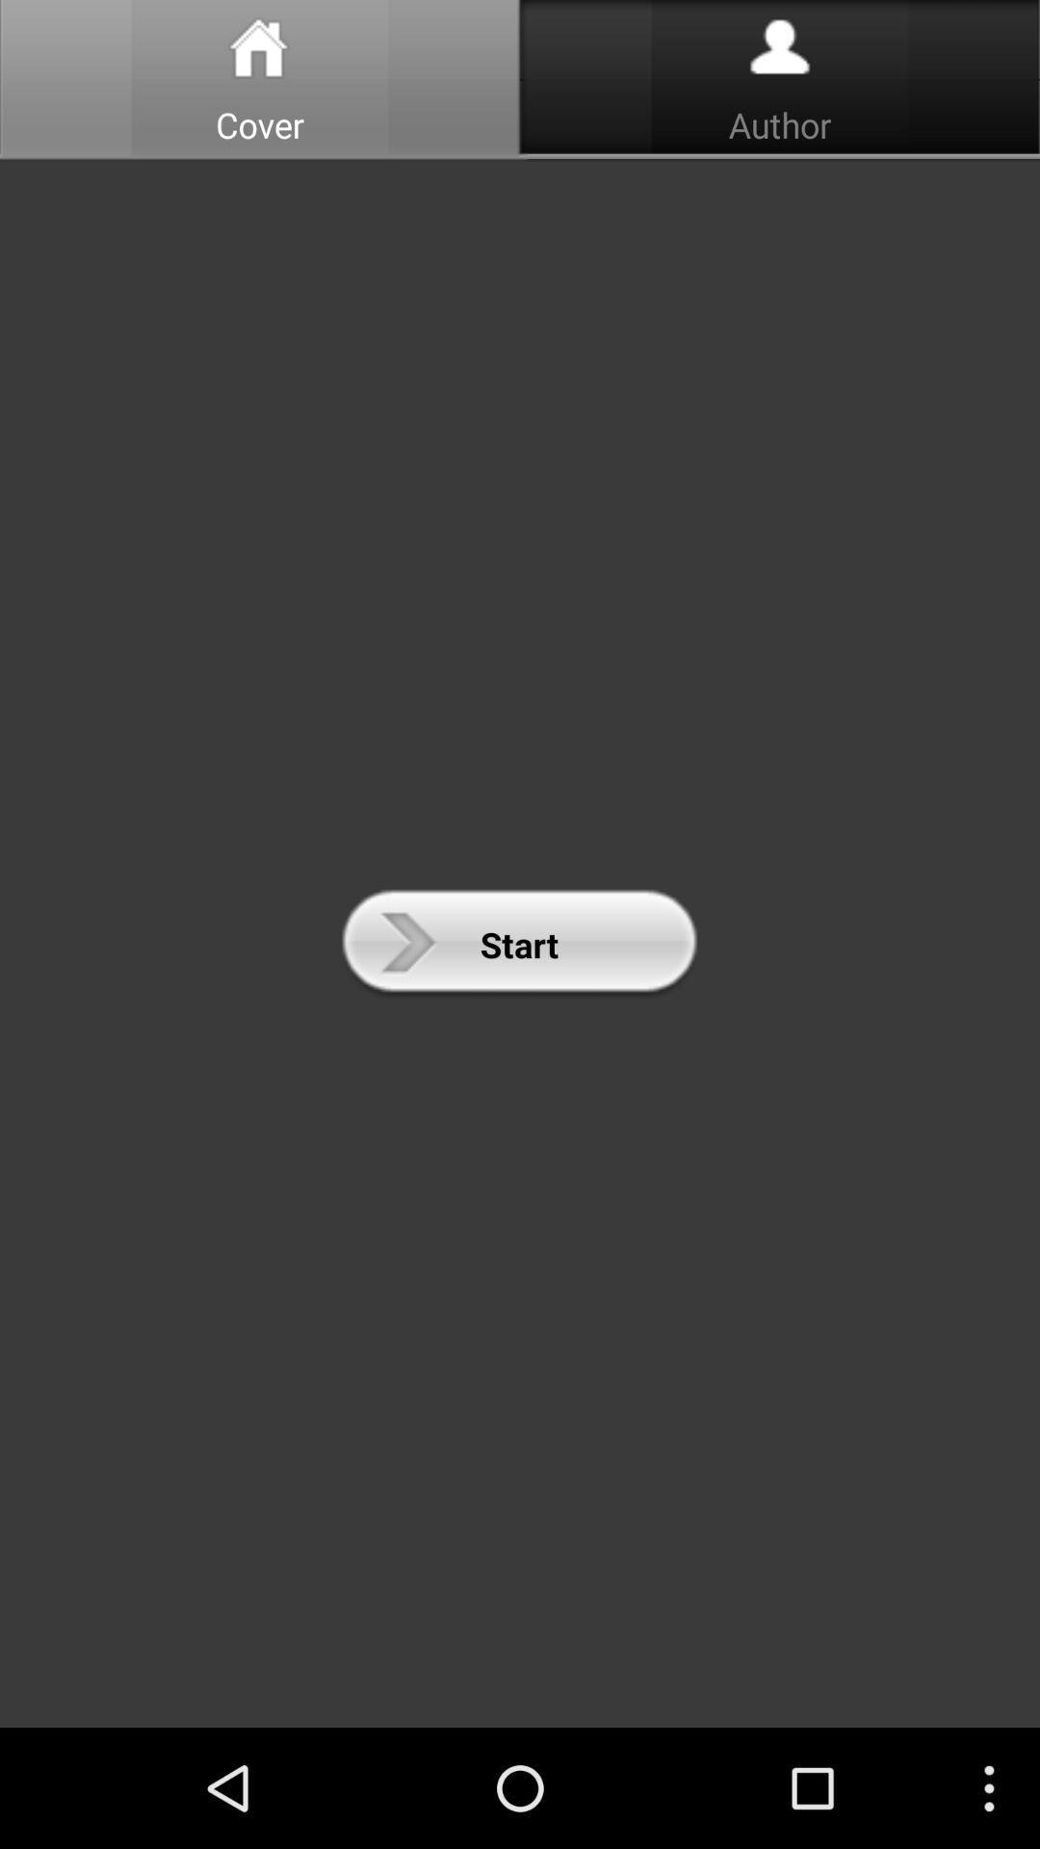  Describe the element at coordinates (518, 944) in the screenshot. I see `start icon` at that location.